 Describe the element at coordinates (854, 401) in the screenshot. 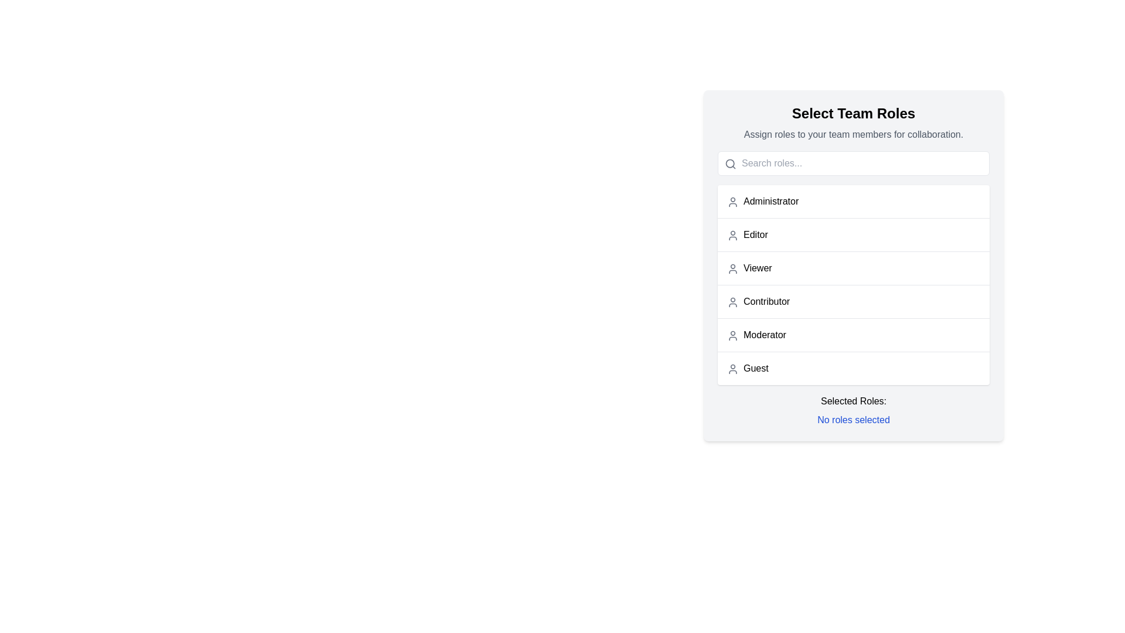

I see `the label indicating the purpose of the content for selected roles, located in the 'Select Team Roles' panel above 'No roles selected'` at that location.